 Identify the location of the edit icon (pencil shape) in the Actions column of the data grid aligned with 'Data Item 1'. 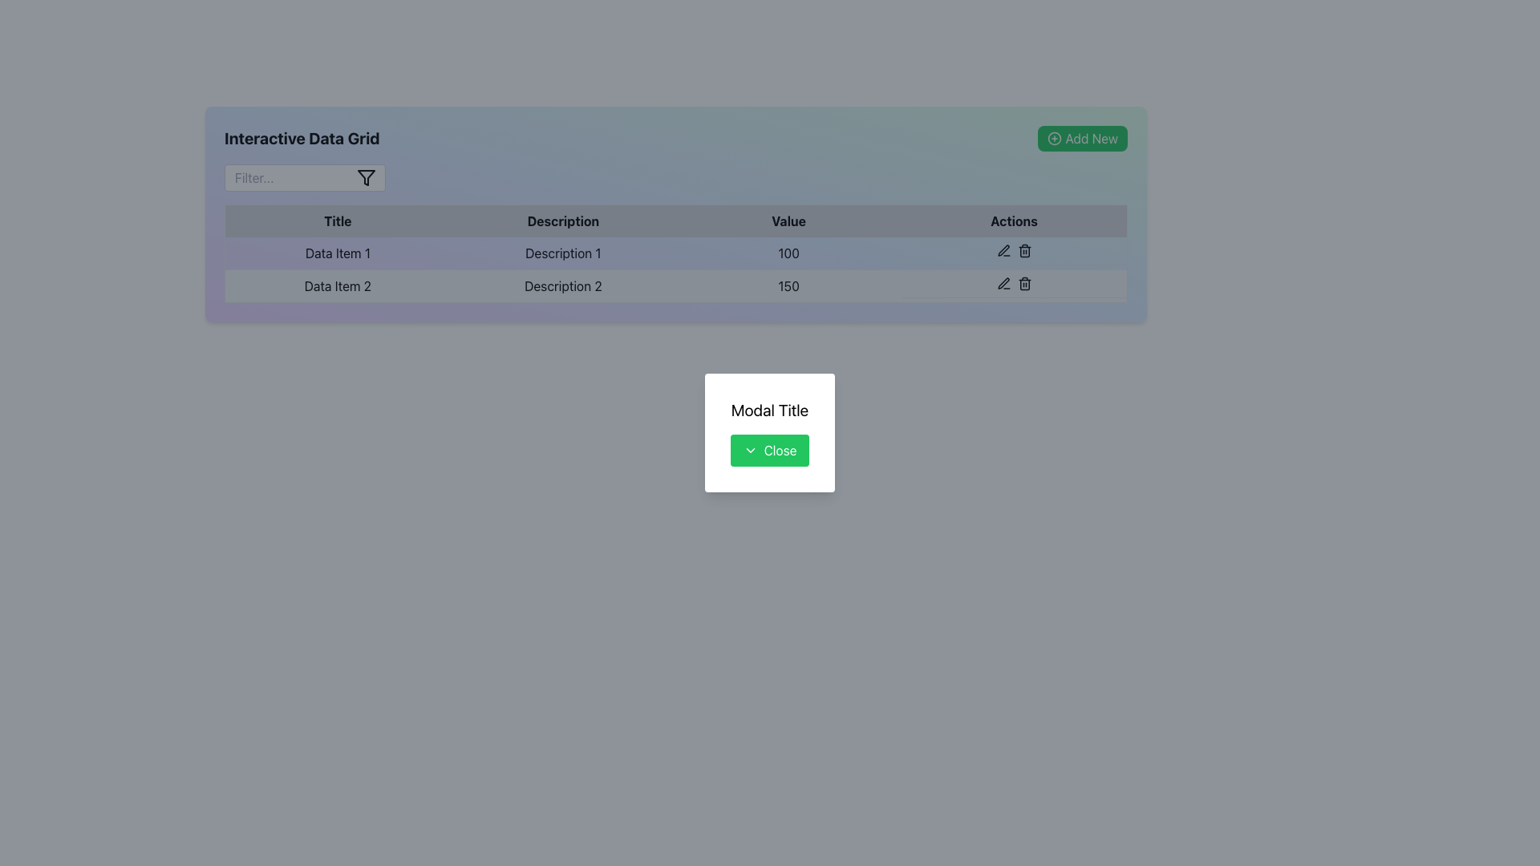
(1013, 251).